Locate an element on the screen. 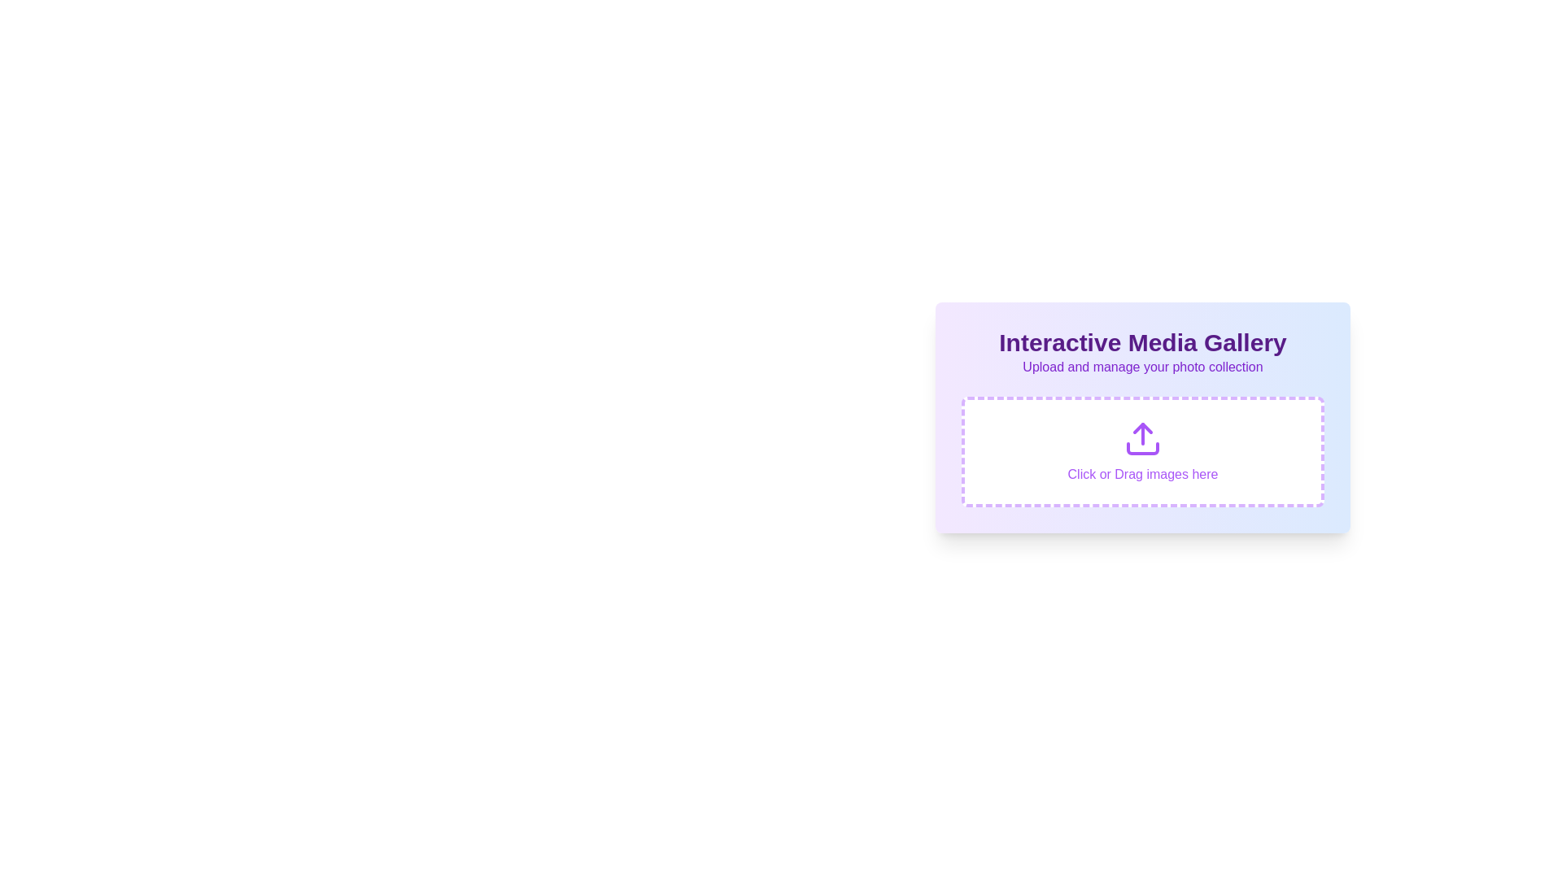 This screenshot has height=878, width=1562. the text header 'Interactive Media Gallery', which is prominently styled in a large bold font with a purple hue, located at the upper part of a rectangular card component is located at coordinates (1142, 341).